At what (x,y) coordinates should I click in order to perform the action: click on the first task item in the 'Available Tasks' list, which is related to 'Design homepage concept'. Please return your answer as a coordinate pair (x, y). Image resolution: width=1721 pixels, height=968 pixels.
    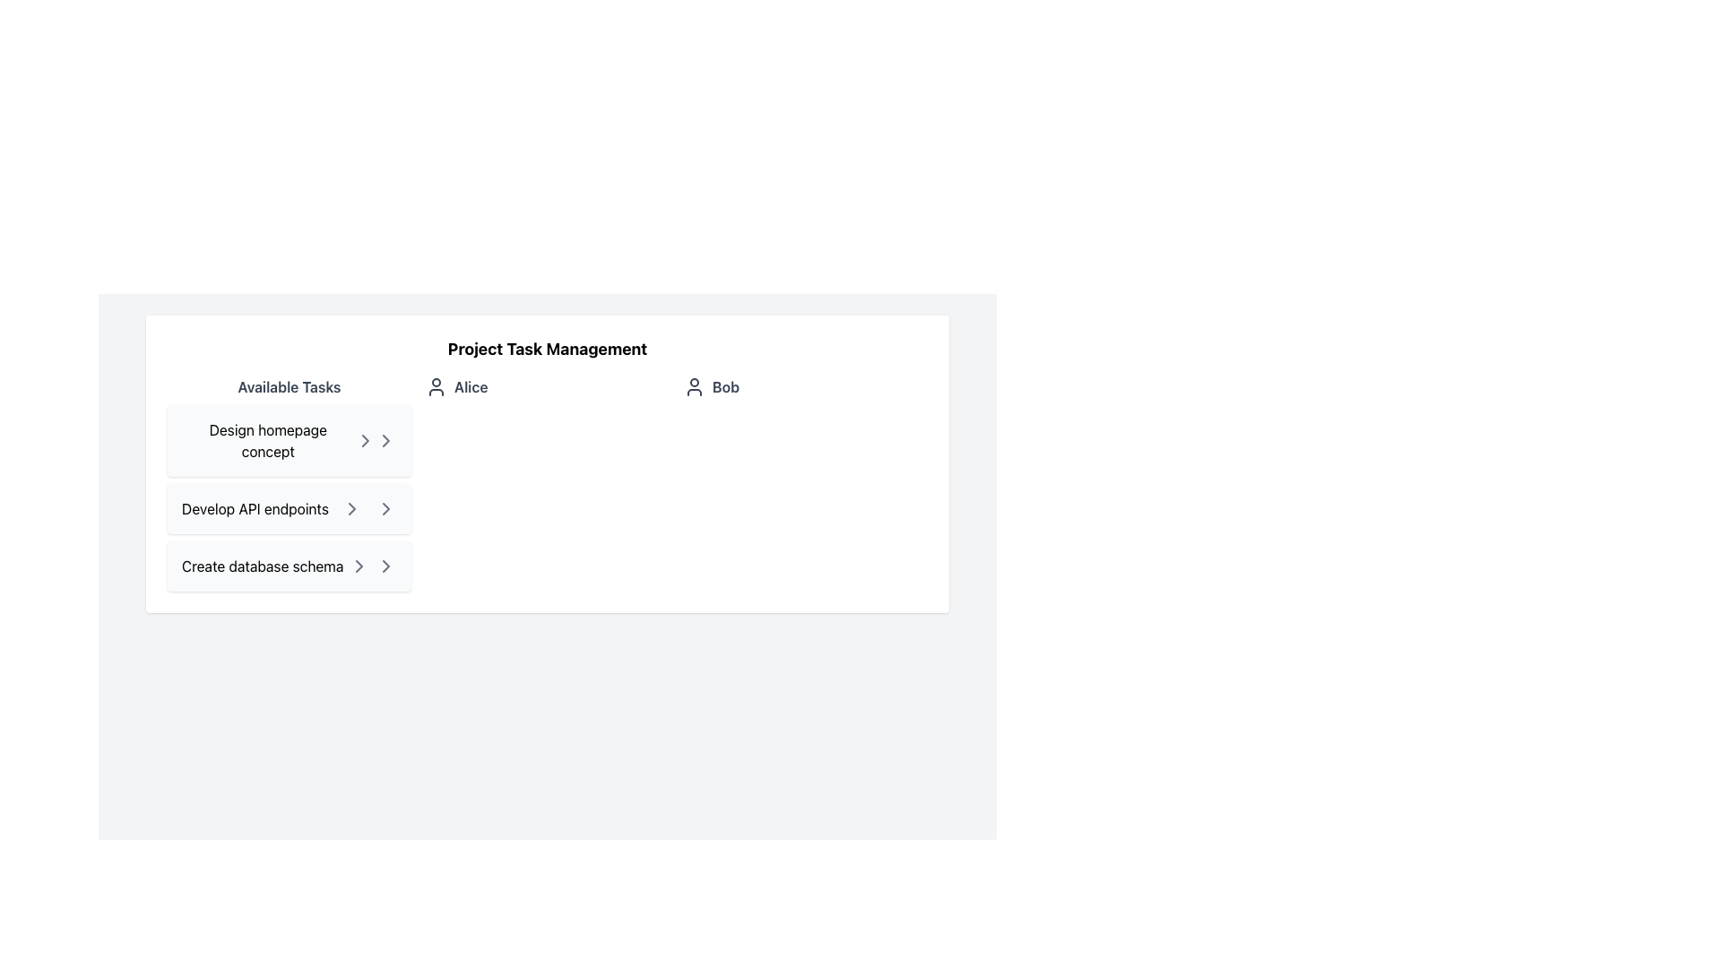
    Looking at the image, I should click on (289, 441).